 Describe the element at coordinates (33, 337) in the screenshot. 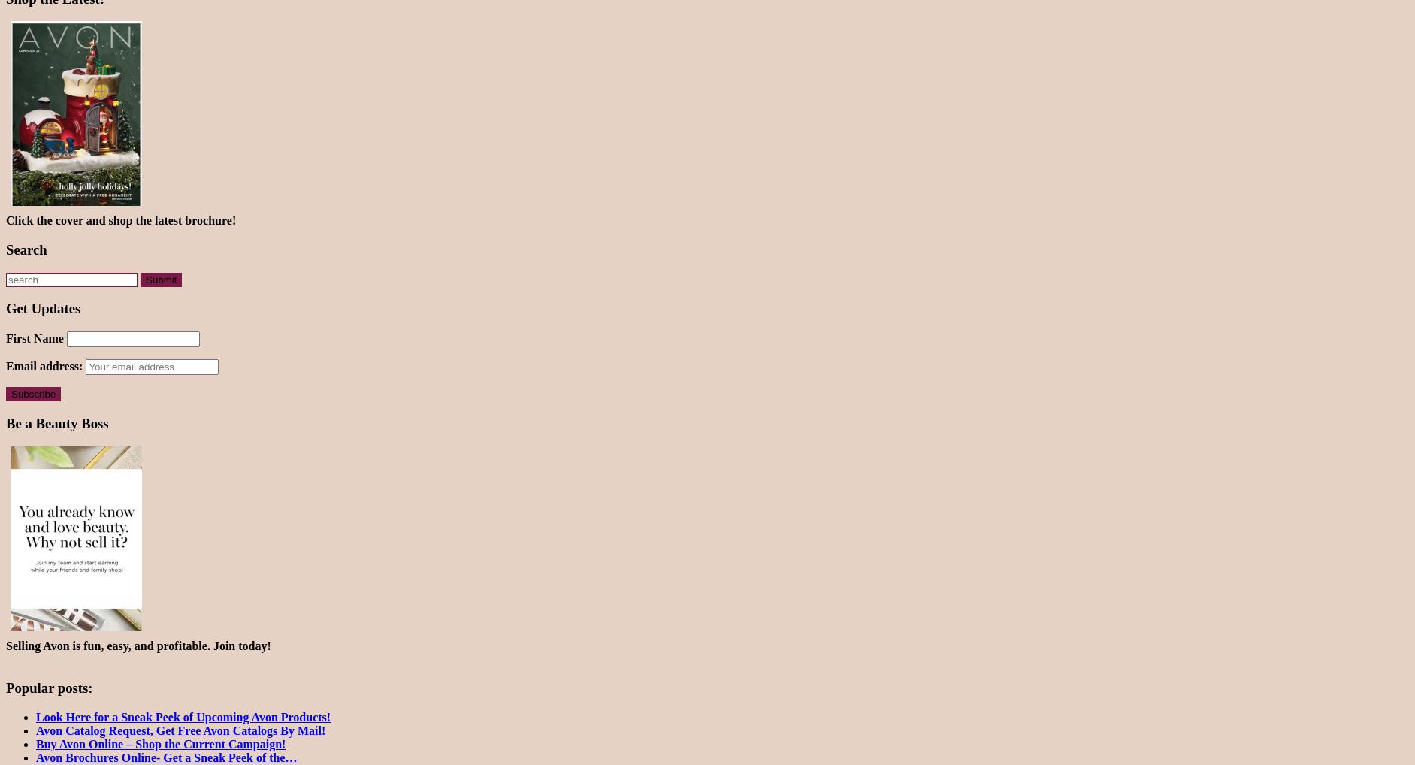

I see `'First Name'` at that location.